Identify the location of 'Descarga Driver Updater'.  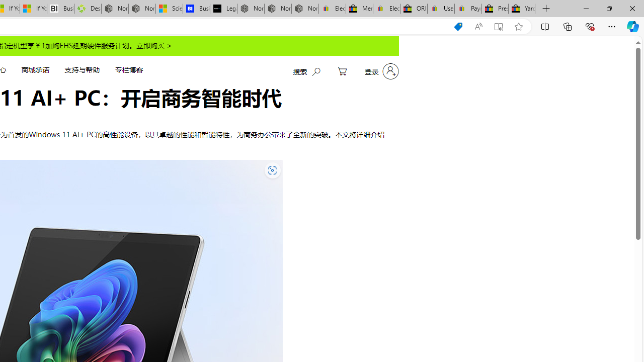
(88, 9).